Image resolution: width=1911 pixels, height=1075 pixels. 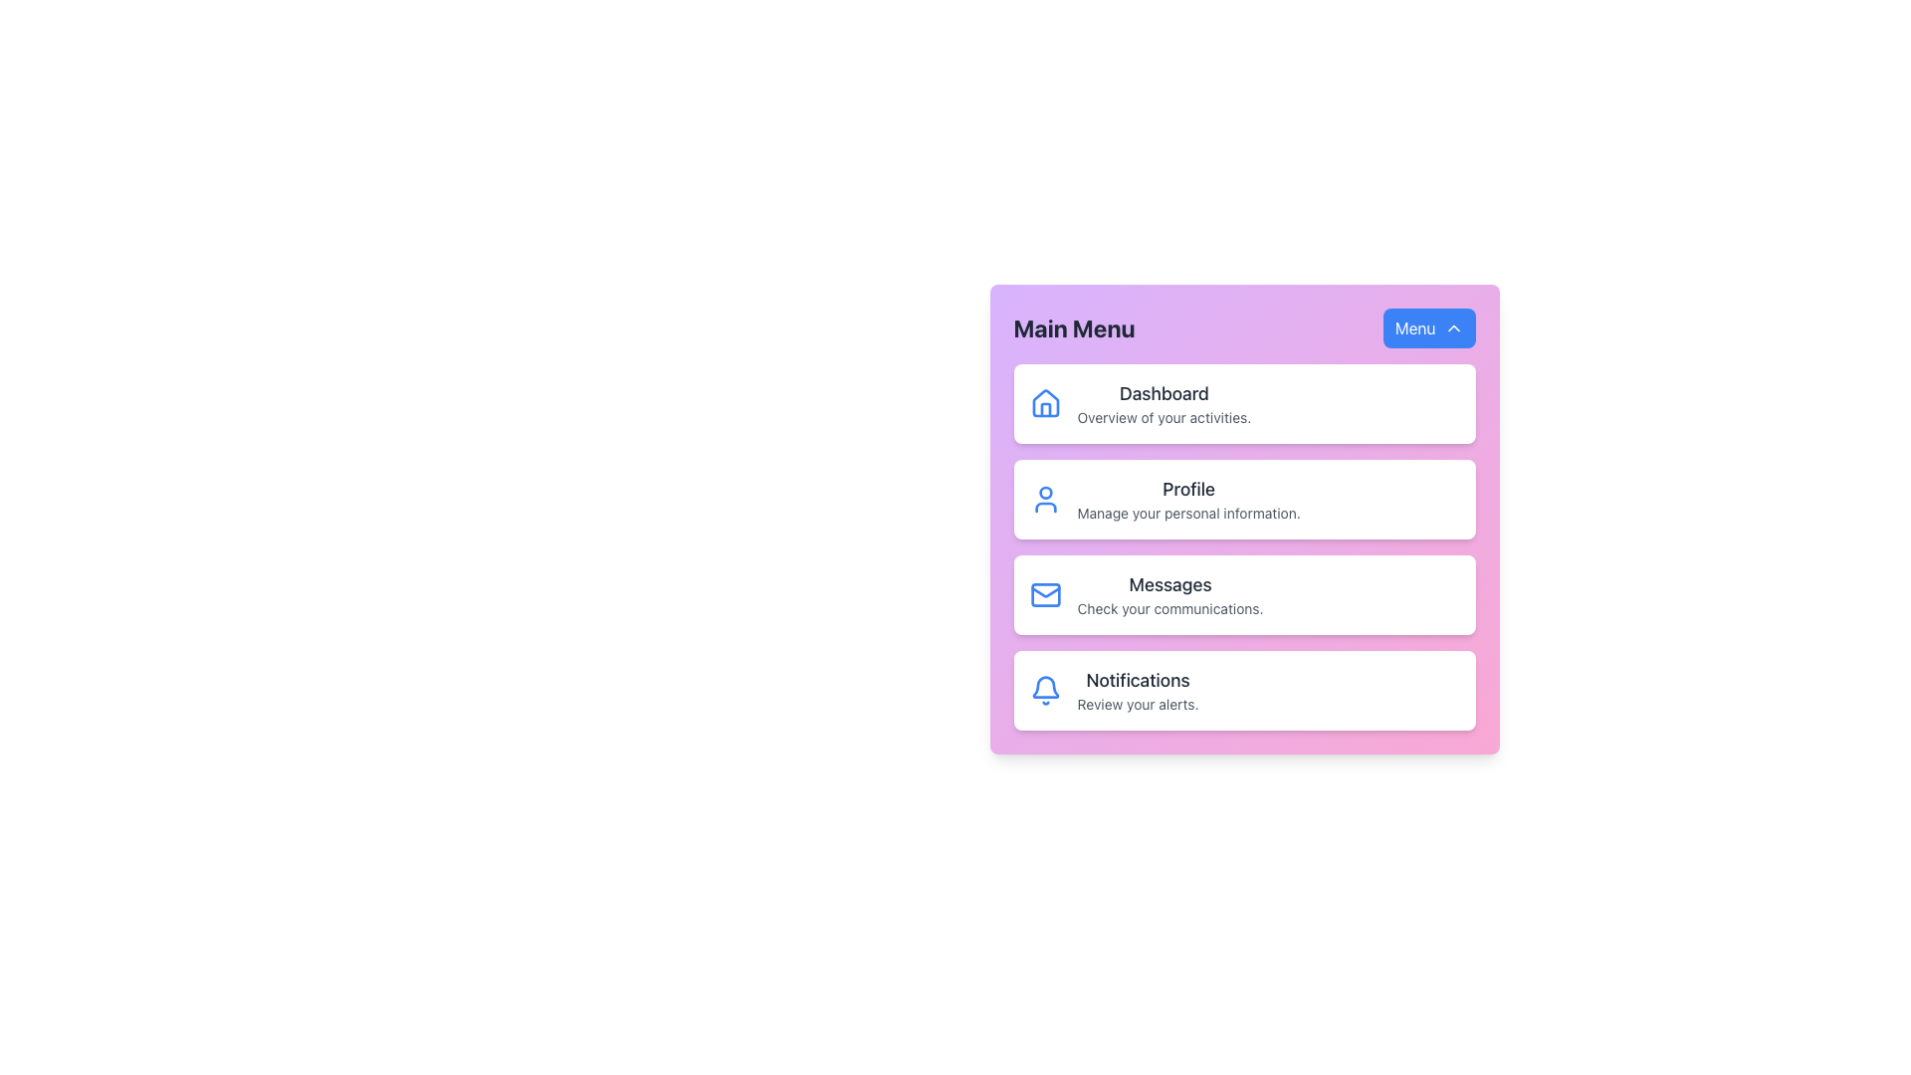 I want to click on the 'Menu' button with a bright blue background and a chevron icon located, so click(x=1427, y=327).